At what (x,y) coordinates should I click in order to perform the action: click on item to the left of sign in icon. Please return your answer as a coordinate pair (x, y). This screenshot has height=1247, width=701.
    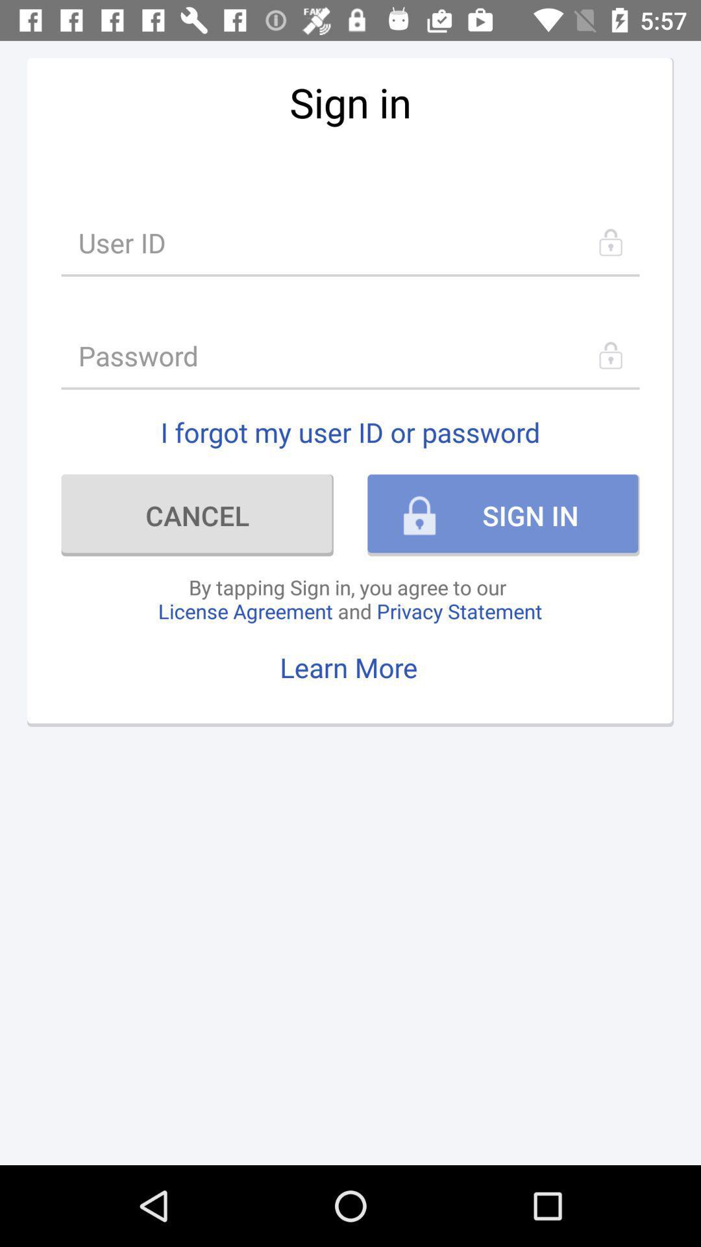
    Looking at the image, I should click on (197, 514).